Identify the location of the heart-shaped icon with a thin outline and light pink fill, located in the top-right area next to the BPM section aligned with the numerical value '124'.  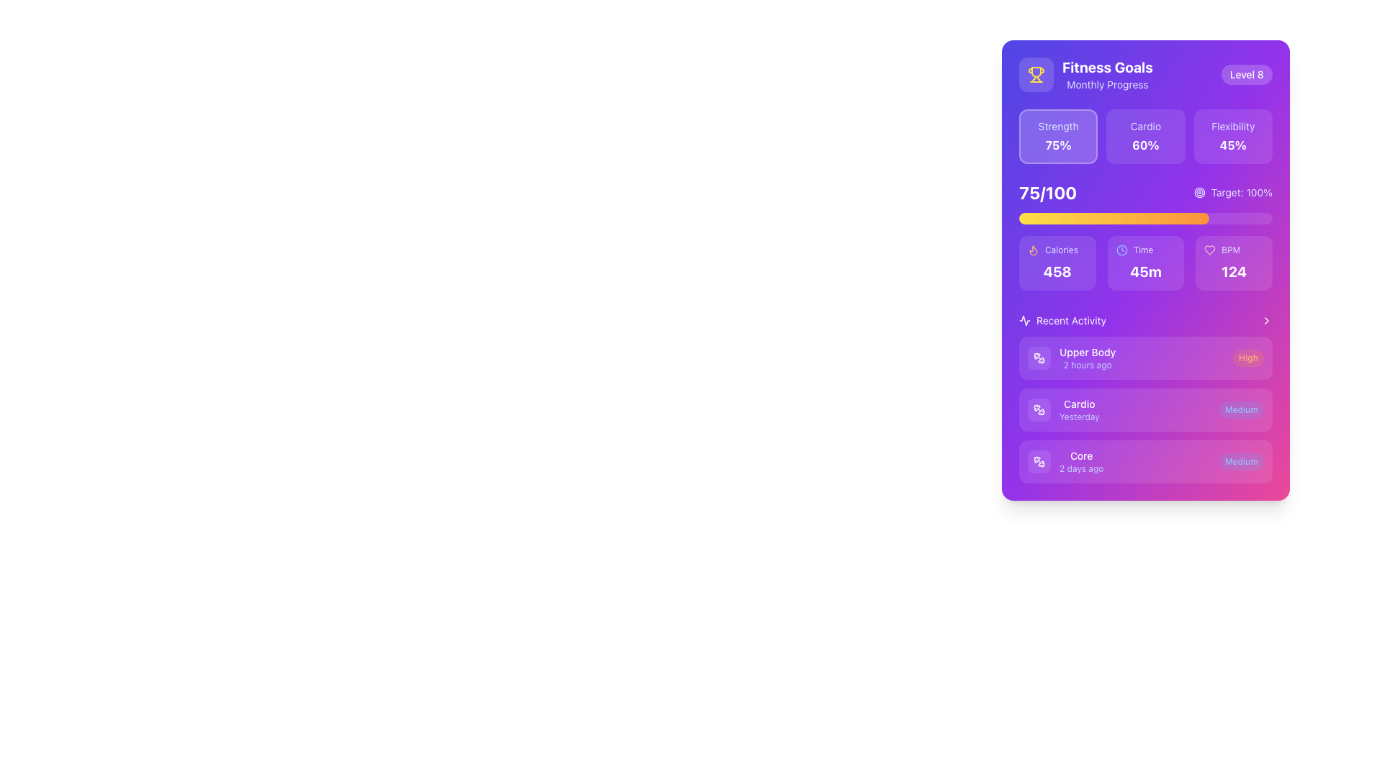
(1209, 249).